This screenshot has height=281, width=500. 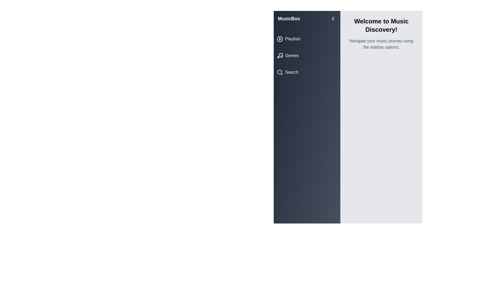 What do you see at coordinates (307, 72) in the screenshot?
I see `the category Search to view its hover state` at bounding box center [307, 72].